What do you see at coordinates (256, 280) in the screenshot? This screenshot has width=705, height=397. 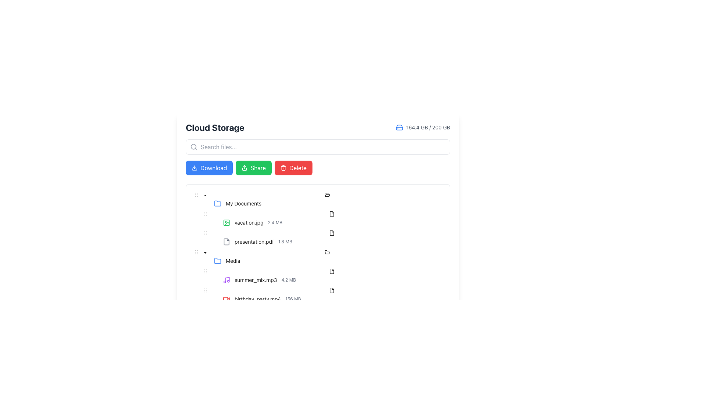 I see `the Text label representing the name of a media file in the Media folder, located next to the metadata '4.2 MB' and following a music note icon` at bounding box center [256, 280].